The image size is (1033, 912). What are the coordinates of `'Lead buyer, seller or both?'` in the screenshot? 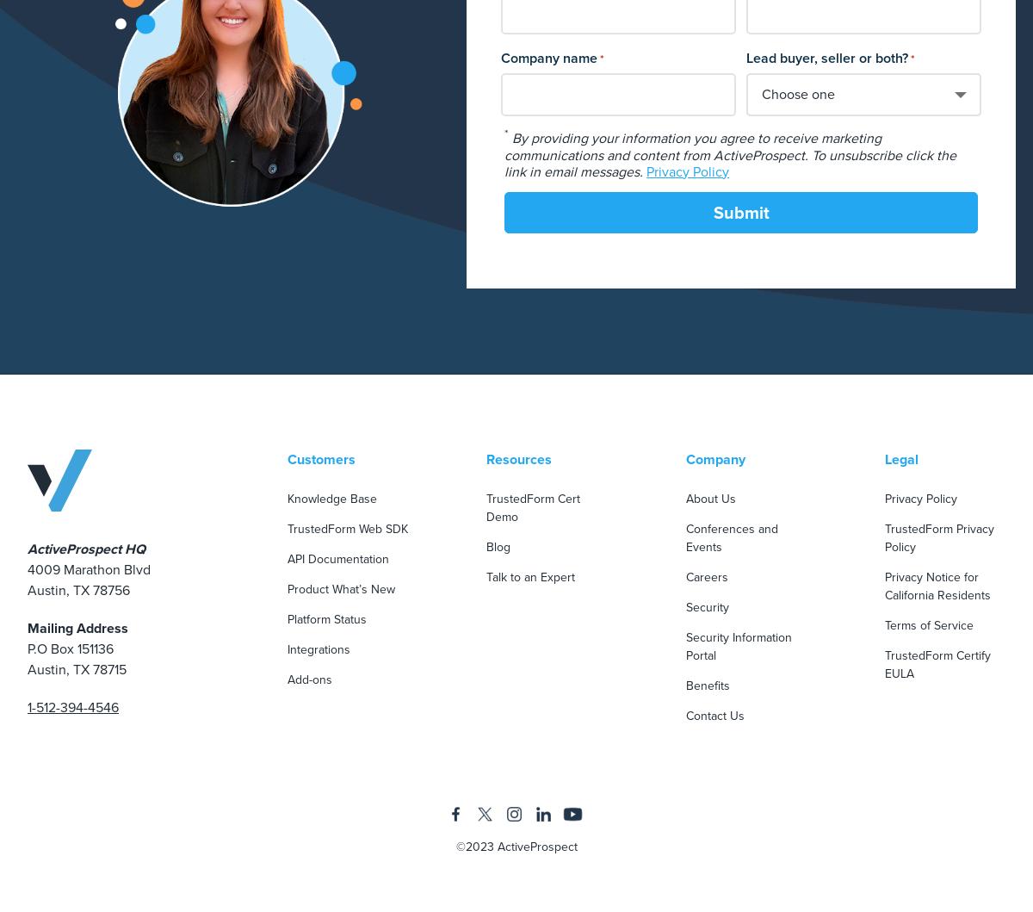 It's located at (826, 57).